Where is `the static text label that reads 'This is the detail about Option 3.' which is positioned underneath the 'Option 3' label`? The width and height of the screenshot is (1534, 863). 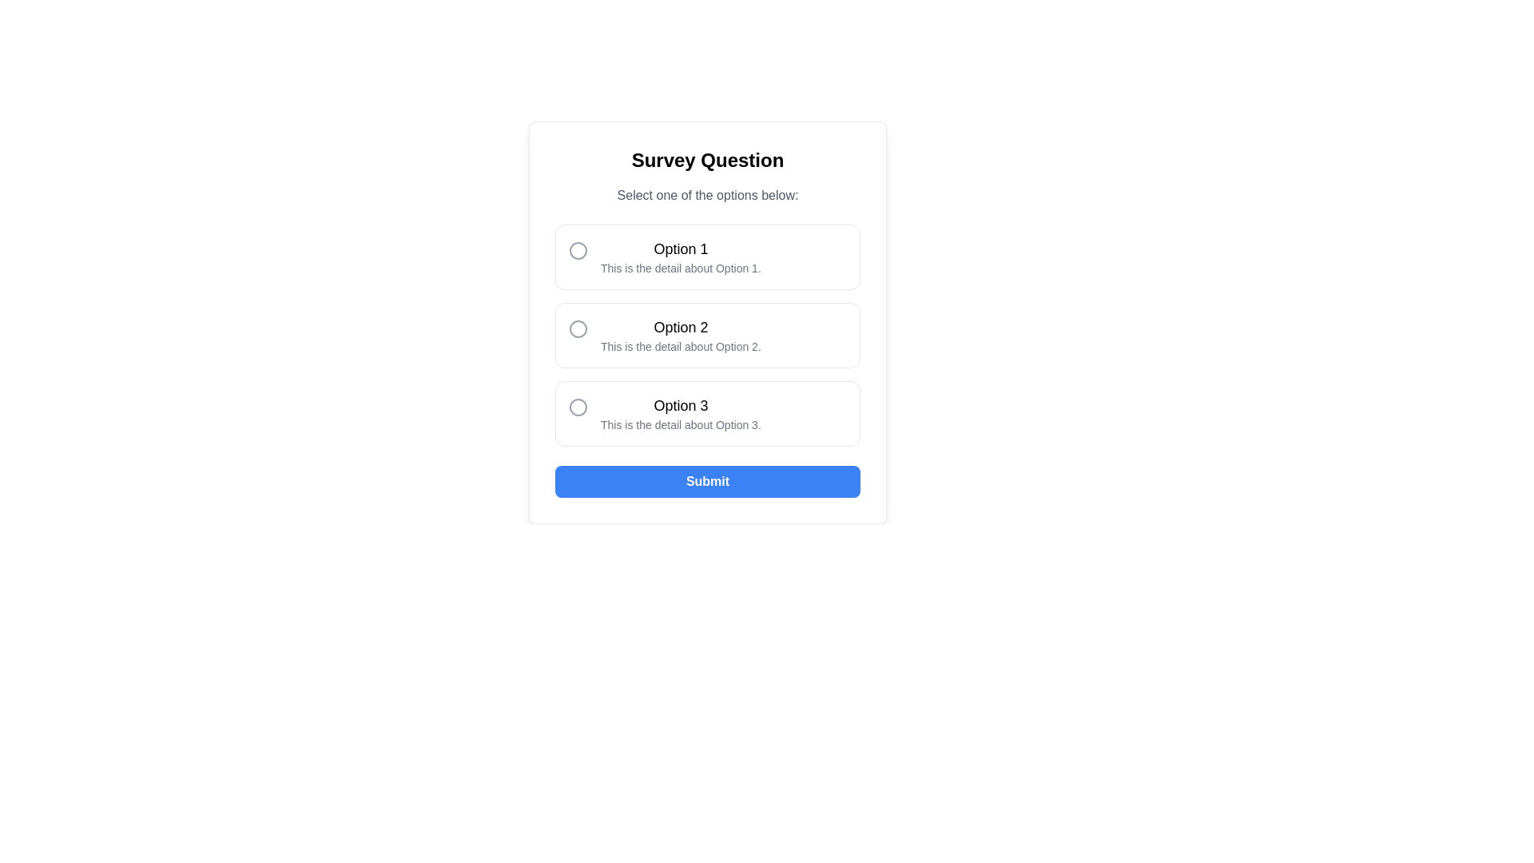 the static text label that reads 'This is the detail about Option 3.' which is positioned underneath the 'Option 3' label is located at coordinates (681, 424).